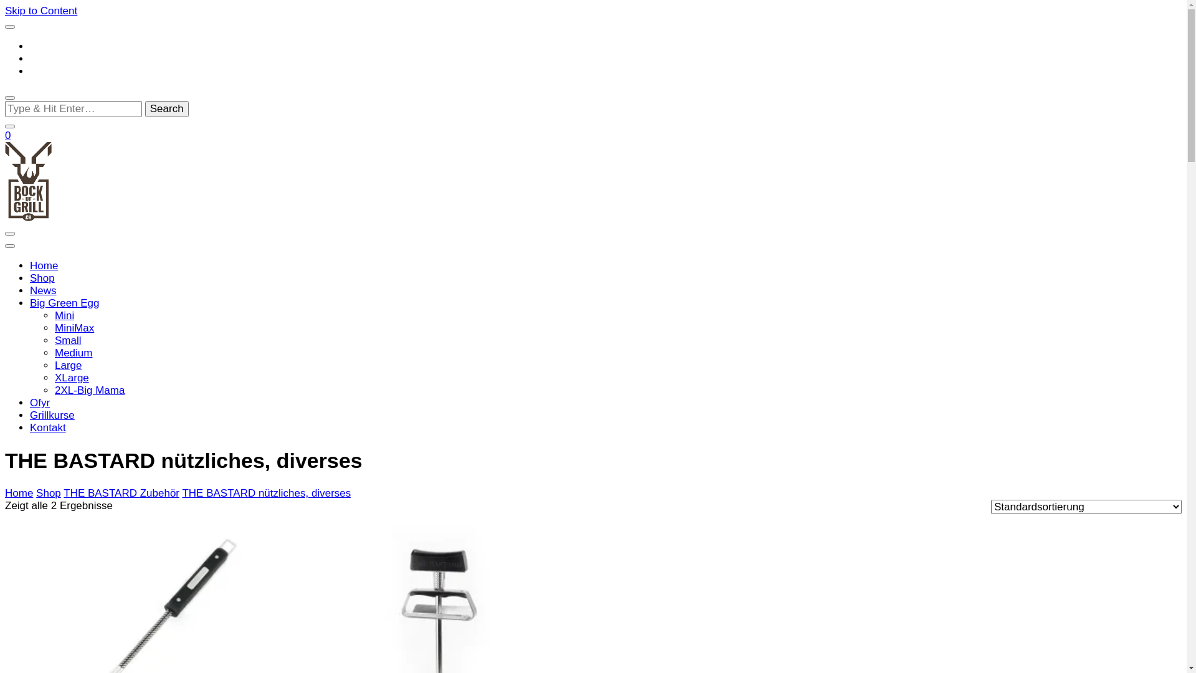 The height and width of the screenshot is (673, 1196). Describe the element at coordinates (43, 290) in the screenshot. I see `'News'` at that location.